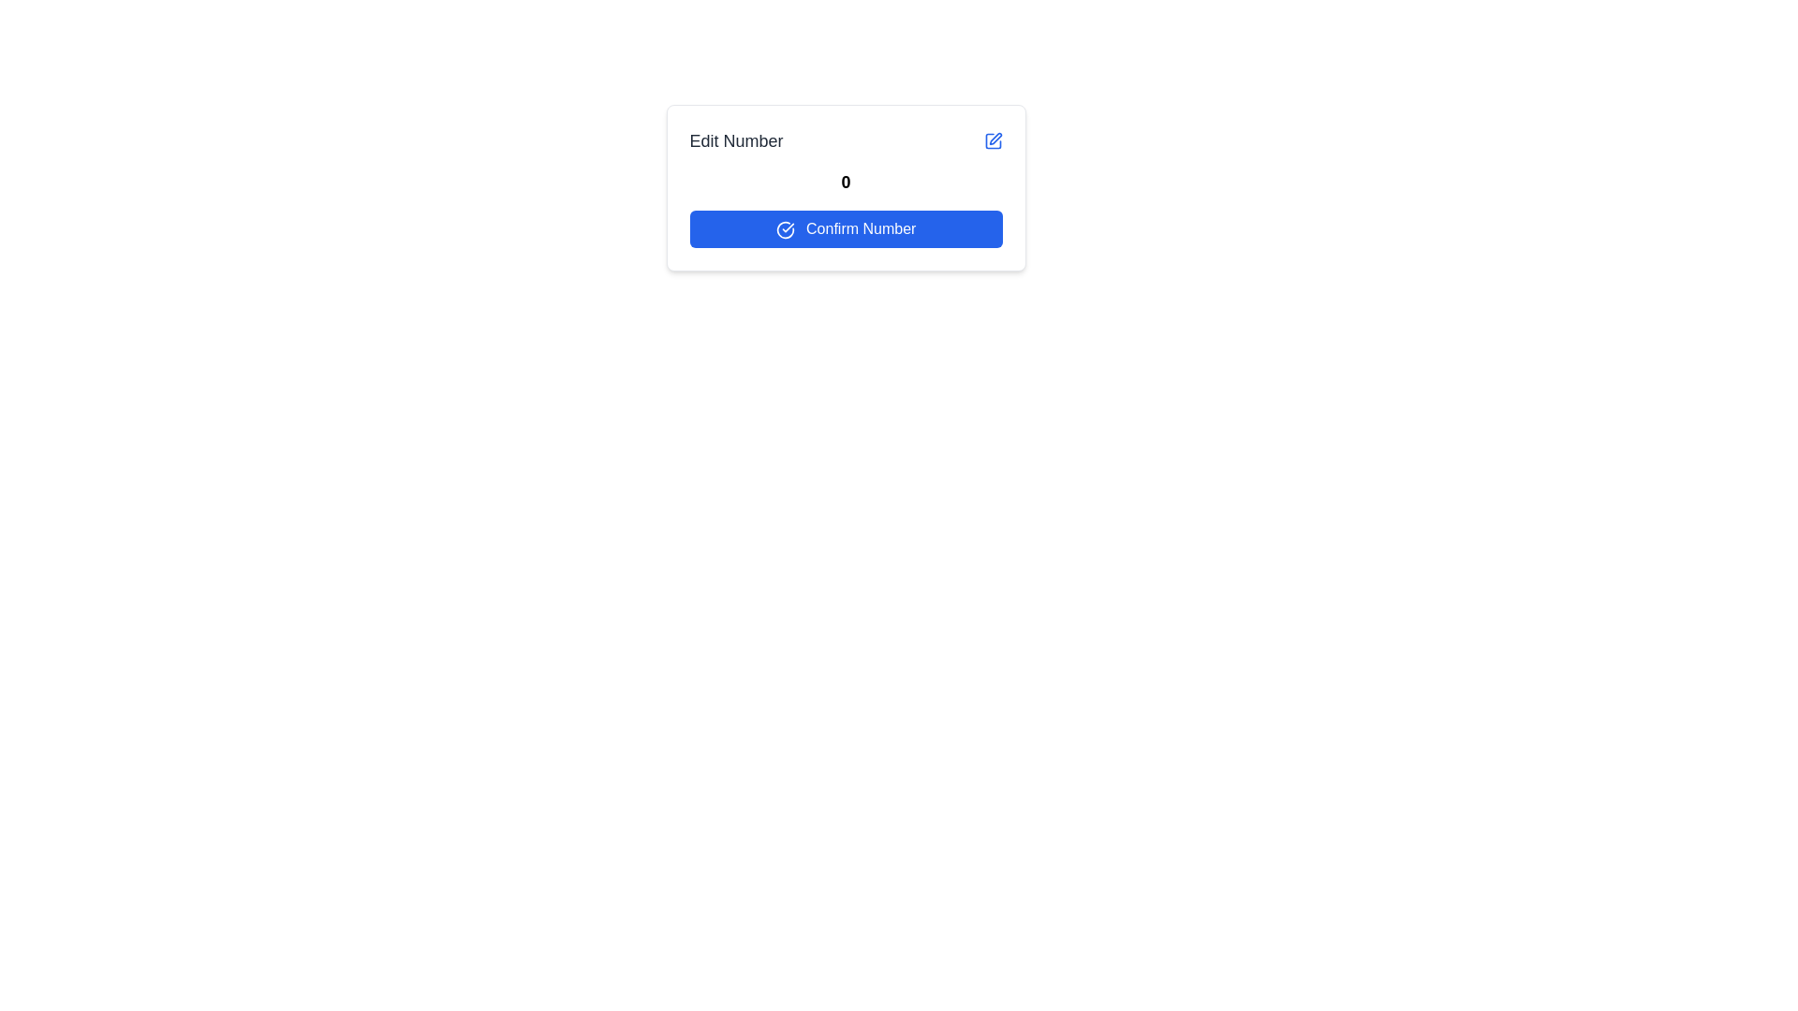 This screenshot has width=1798, height=1011. Describe the element at coordinates (735, 139) in the screenshot. I see `the Text label that describes the functionality for editing a numerical value, positioned directly to the left of the edit icon` at that location.